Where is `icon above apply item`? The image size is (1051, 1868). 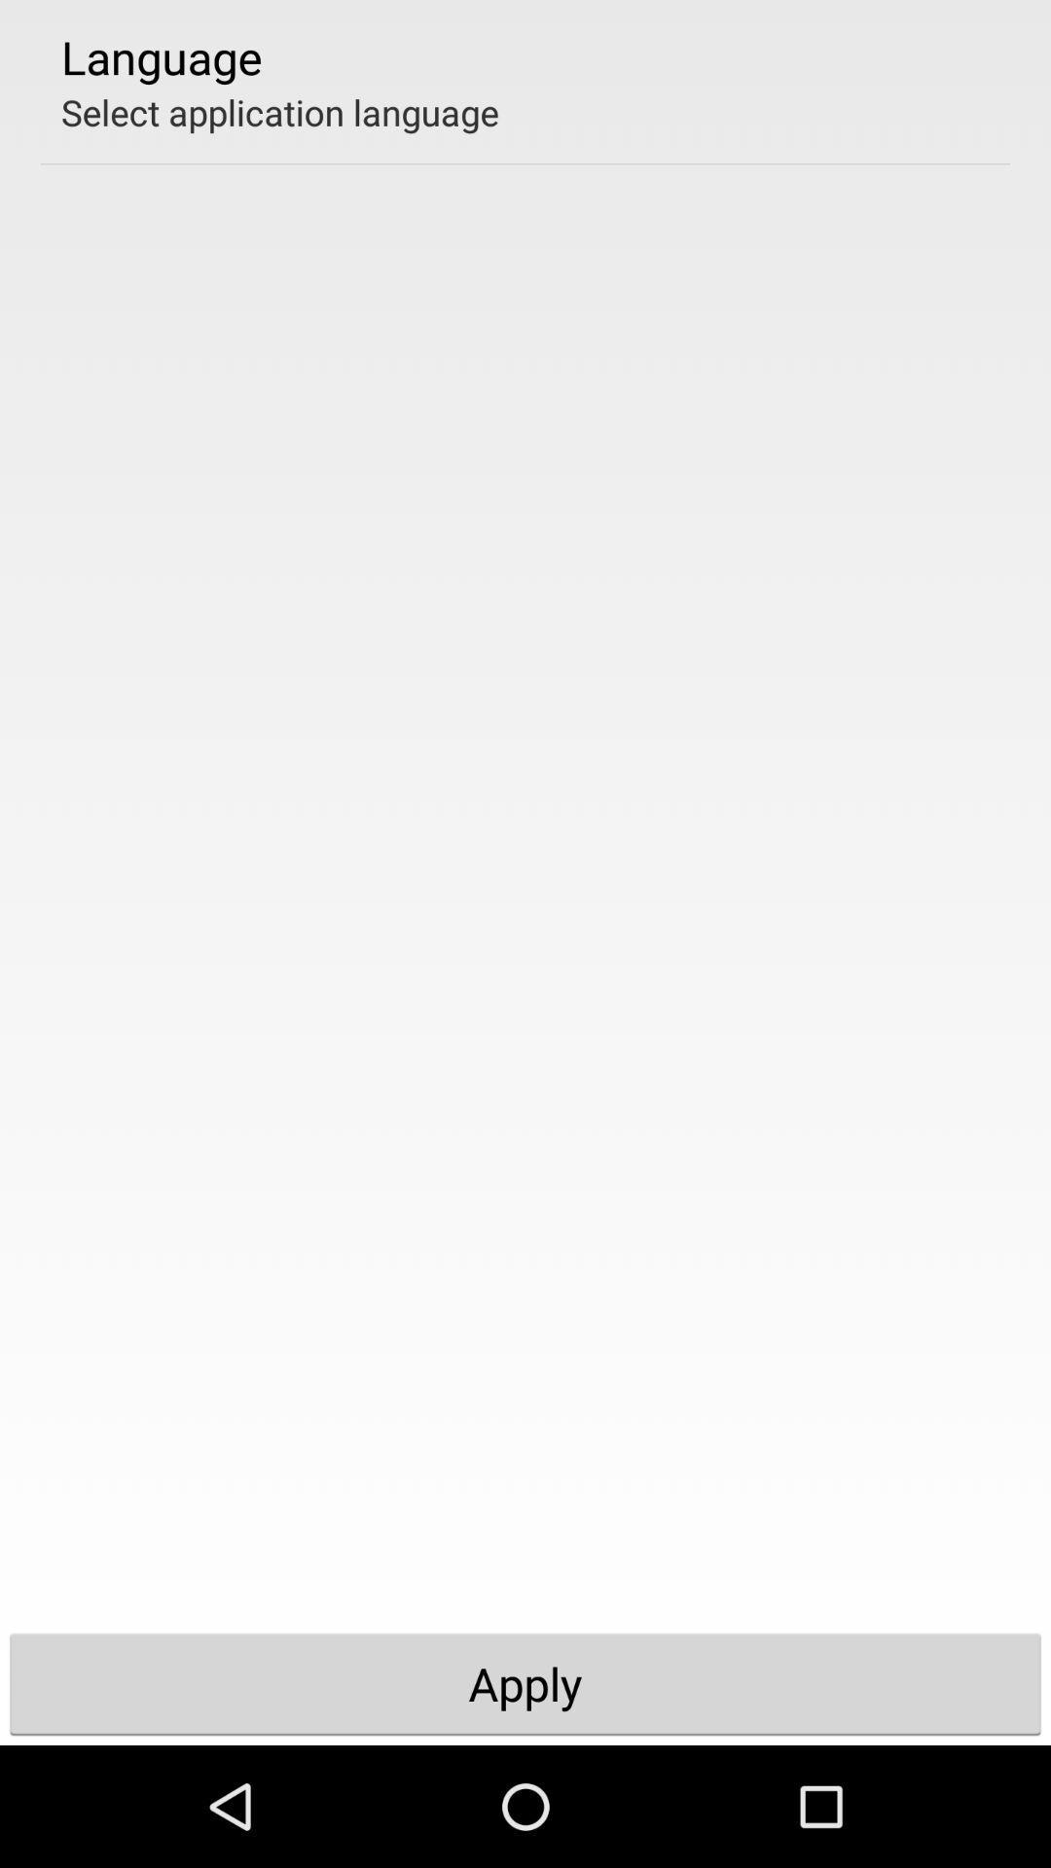
icon above apply item is located at coordinates (280, 111).